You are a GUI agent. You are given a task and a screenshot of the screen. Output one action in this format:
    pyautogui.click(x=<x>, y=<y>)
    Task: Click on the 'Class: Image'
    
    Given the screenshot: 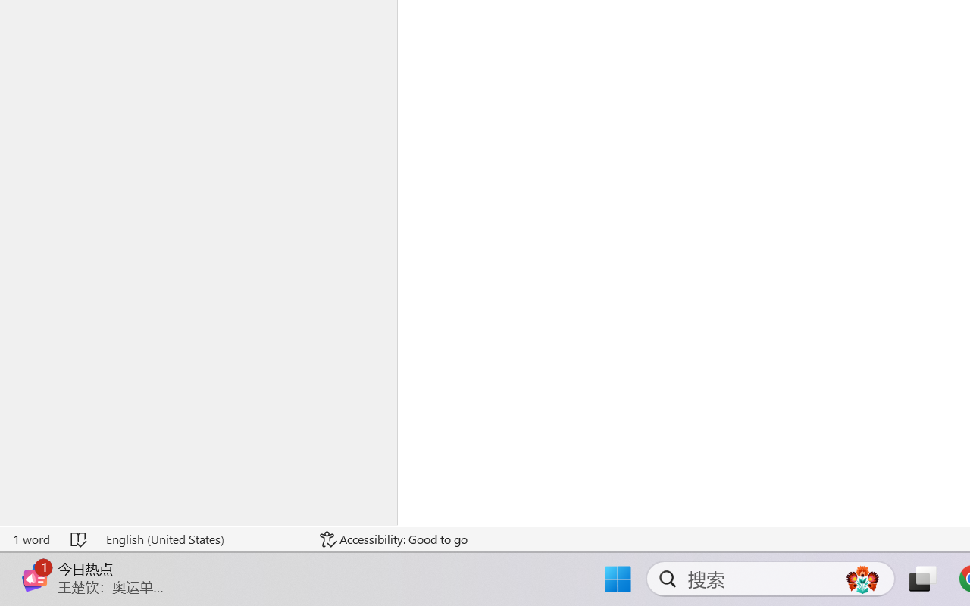 What is the action you would take?
    pyautogui.click(x=35, y=577)
    